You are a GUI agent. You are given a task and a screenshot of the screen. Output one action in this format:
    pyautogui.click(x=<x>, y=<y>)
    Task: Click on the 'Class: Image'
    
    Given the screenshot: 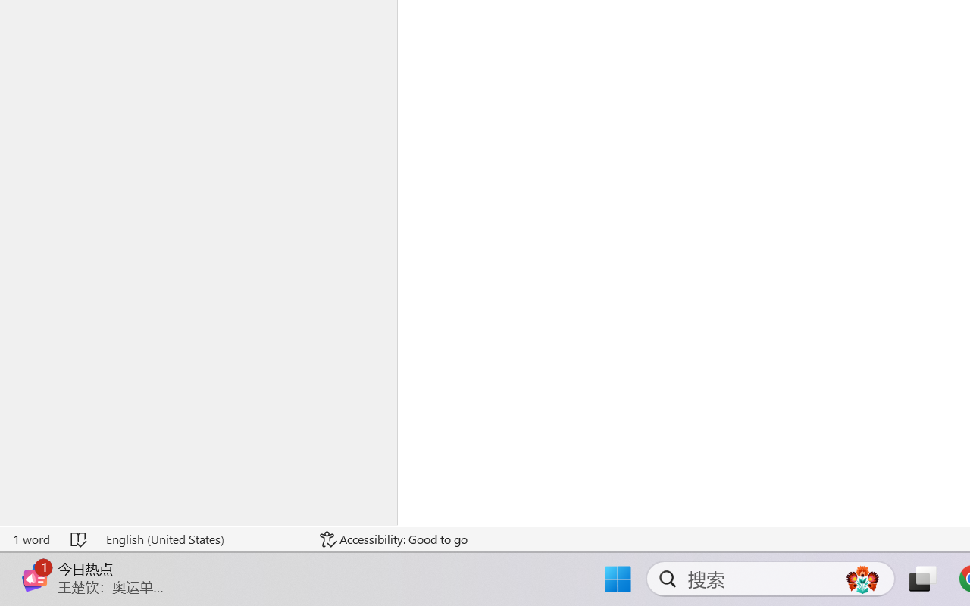 What is the action you would take?
    pyautogui.click(x=35, y=577)
    